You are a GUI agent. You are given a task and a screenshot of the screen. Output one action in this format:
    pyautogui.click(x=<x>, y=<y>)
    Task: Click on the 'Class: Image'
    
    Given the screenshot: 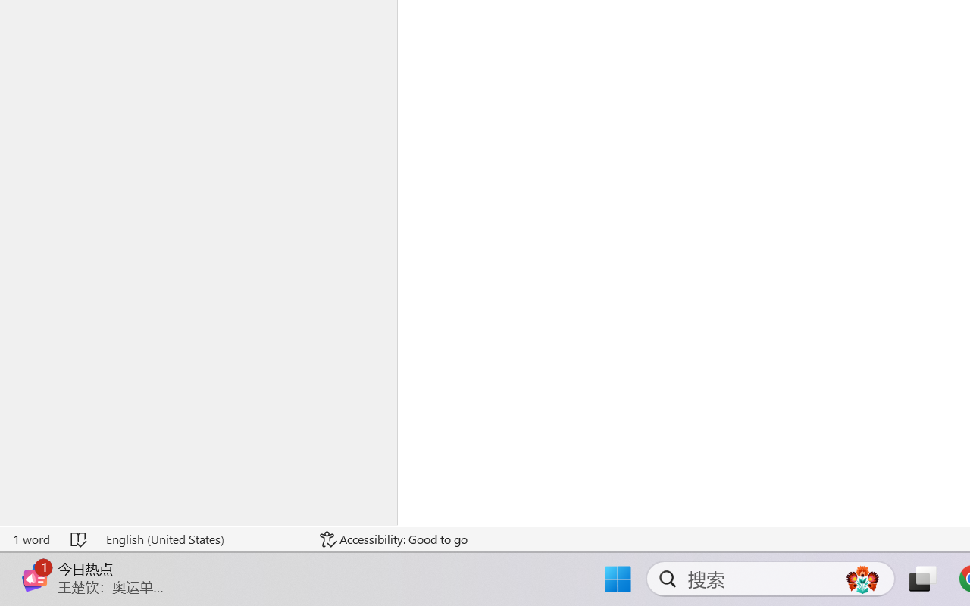 What is the action you would take?
    pyautogui.click(x=35, y=577)
    